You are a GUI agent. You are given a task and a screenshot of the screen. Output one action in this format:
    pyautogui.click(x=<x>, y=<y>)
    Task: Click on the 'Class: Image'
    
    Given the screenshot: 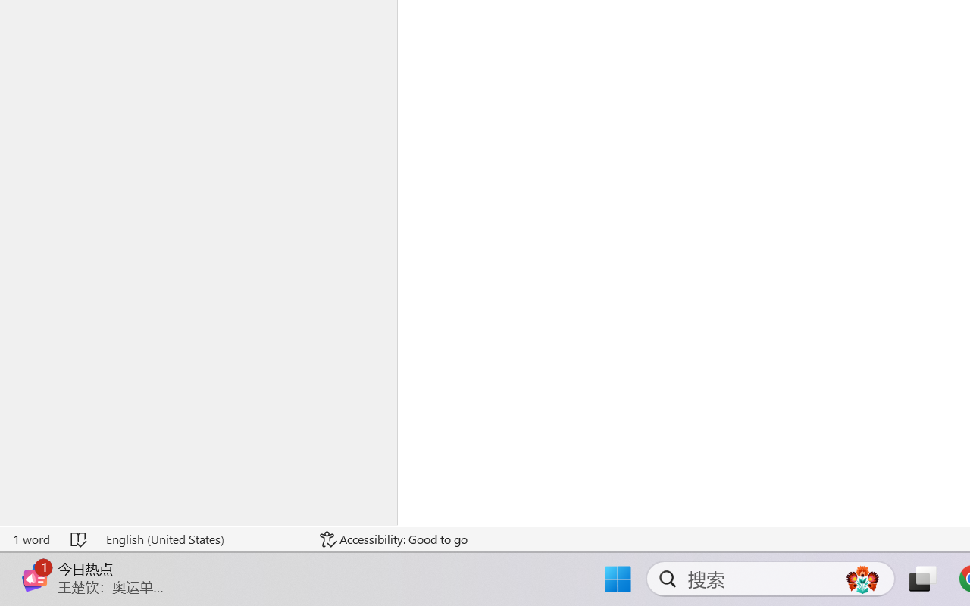 What is the action you would take?
    pyautogui.click(x=35, y=577)
    